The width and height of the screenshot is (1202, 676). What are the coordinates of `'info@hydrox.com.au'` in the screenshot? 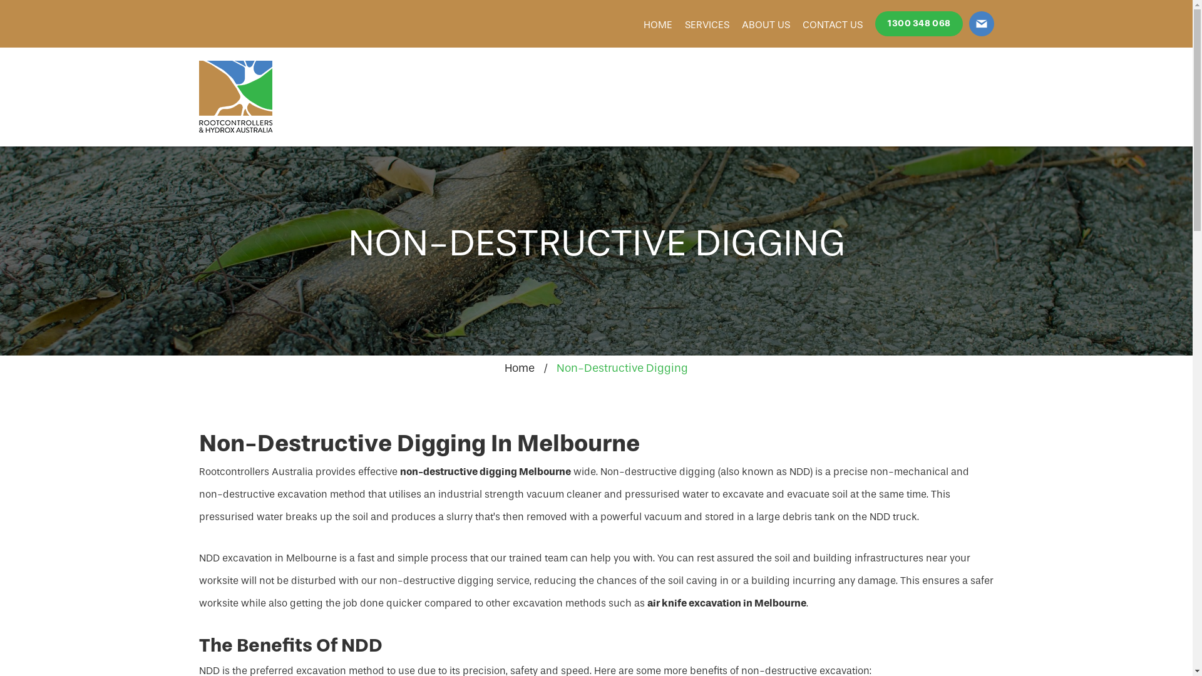 It's located at (981, 24).